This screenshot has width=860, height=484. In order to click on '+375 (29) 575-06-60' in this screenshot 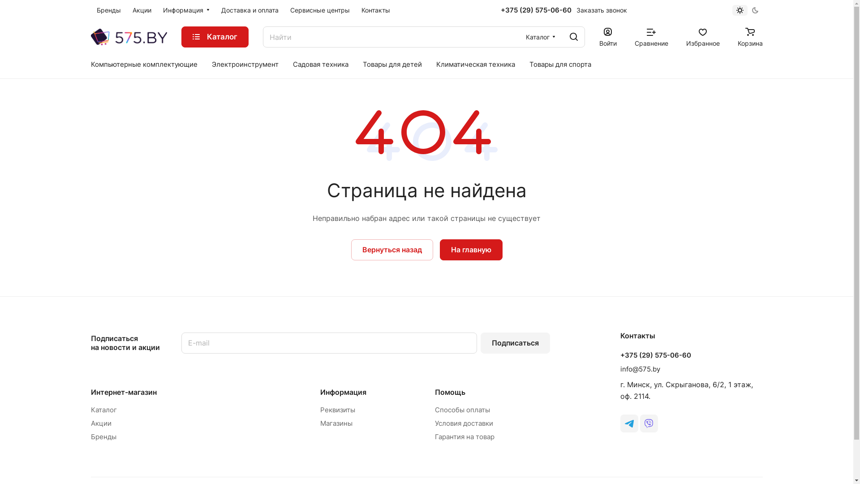, I will do `click(536, 10)`.